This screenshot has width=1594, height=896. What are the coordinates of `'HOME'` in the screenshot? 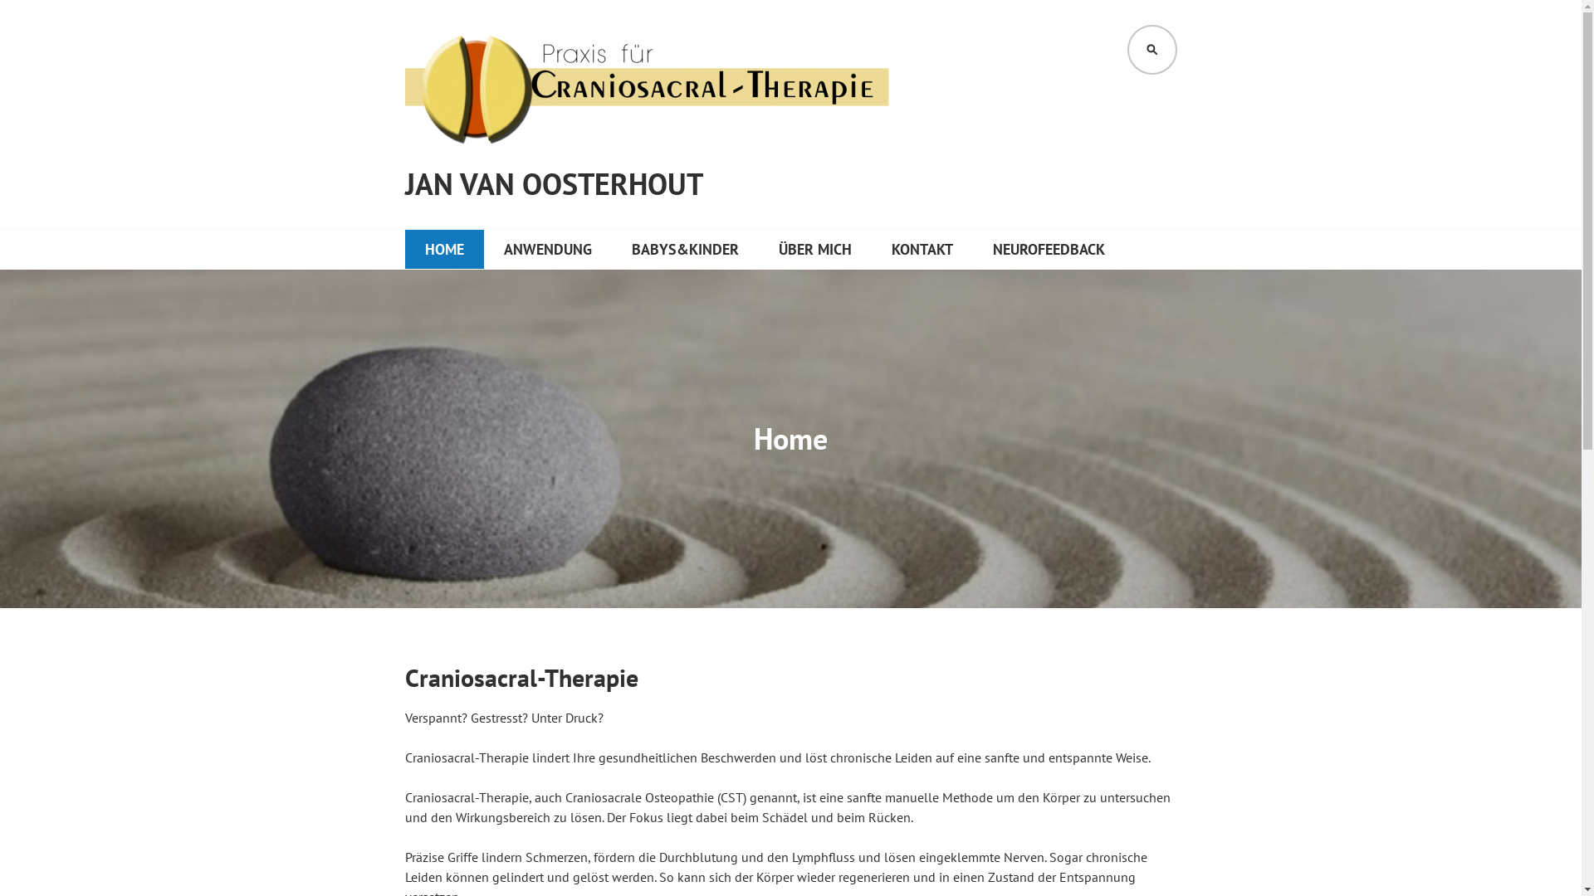 It's located at (444, 249).